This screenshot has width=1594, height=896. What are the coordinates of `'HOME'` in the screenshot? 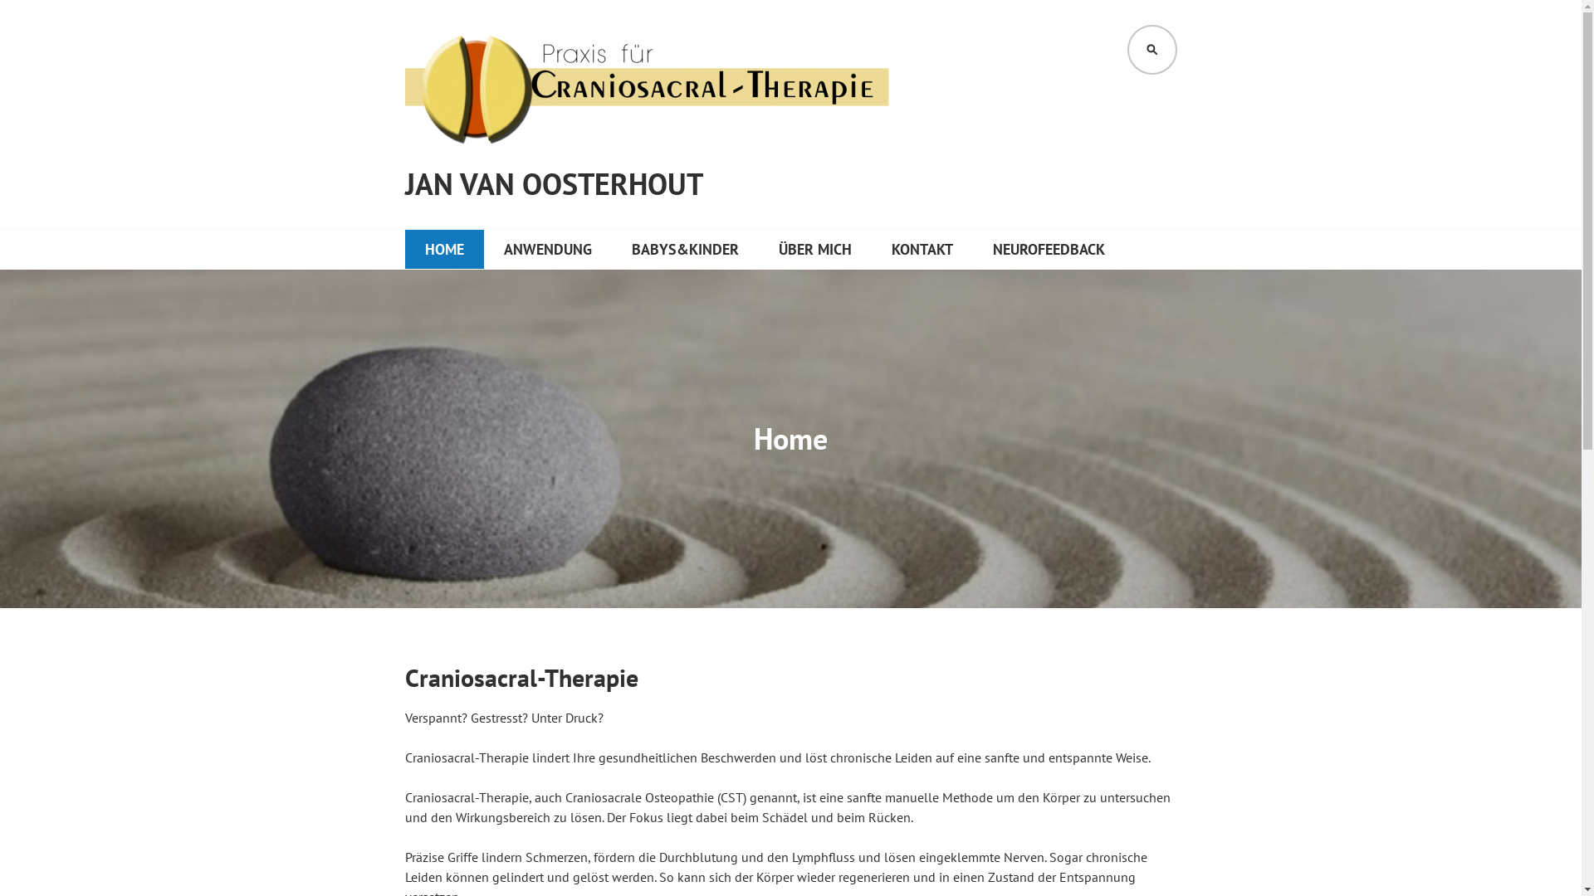 It's located at (444, 249).